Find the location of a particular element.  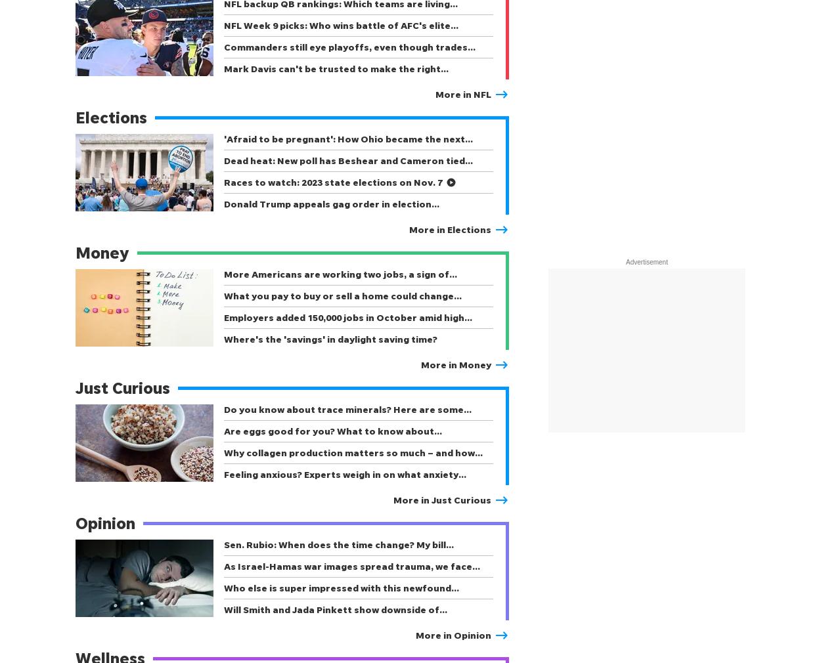

'NFL Week 9 picks: Who wins battle of AFC's elite…' is located at coordinates (223, 24).